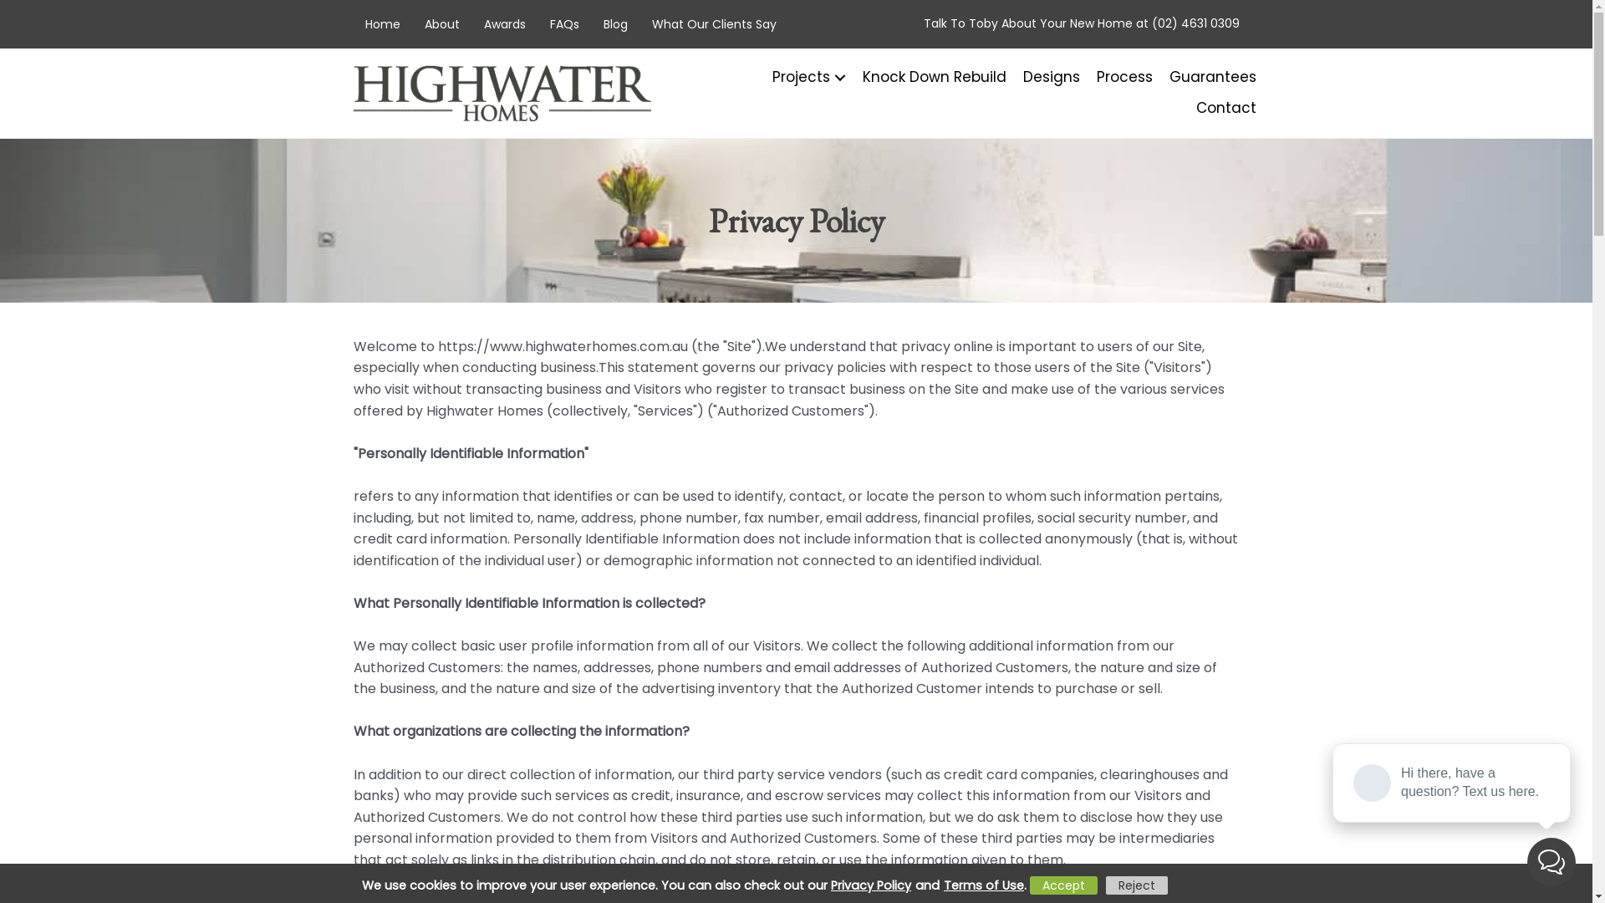 The width and height of the screenshot is (1605, 903). I want to click on 'Awards', so click(503, 24).